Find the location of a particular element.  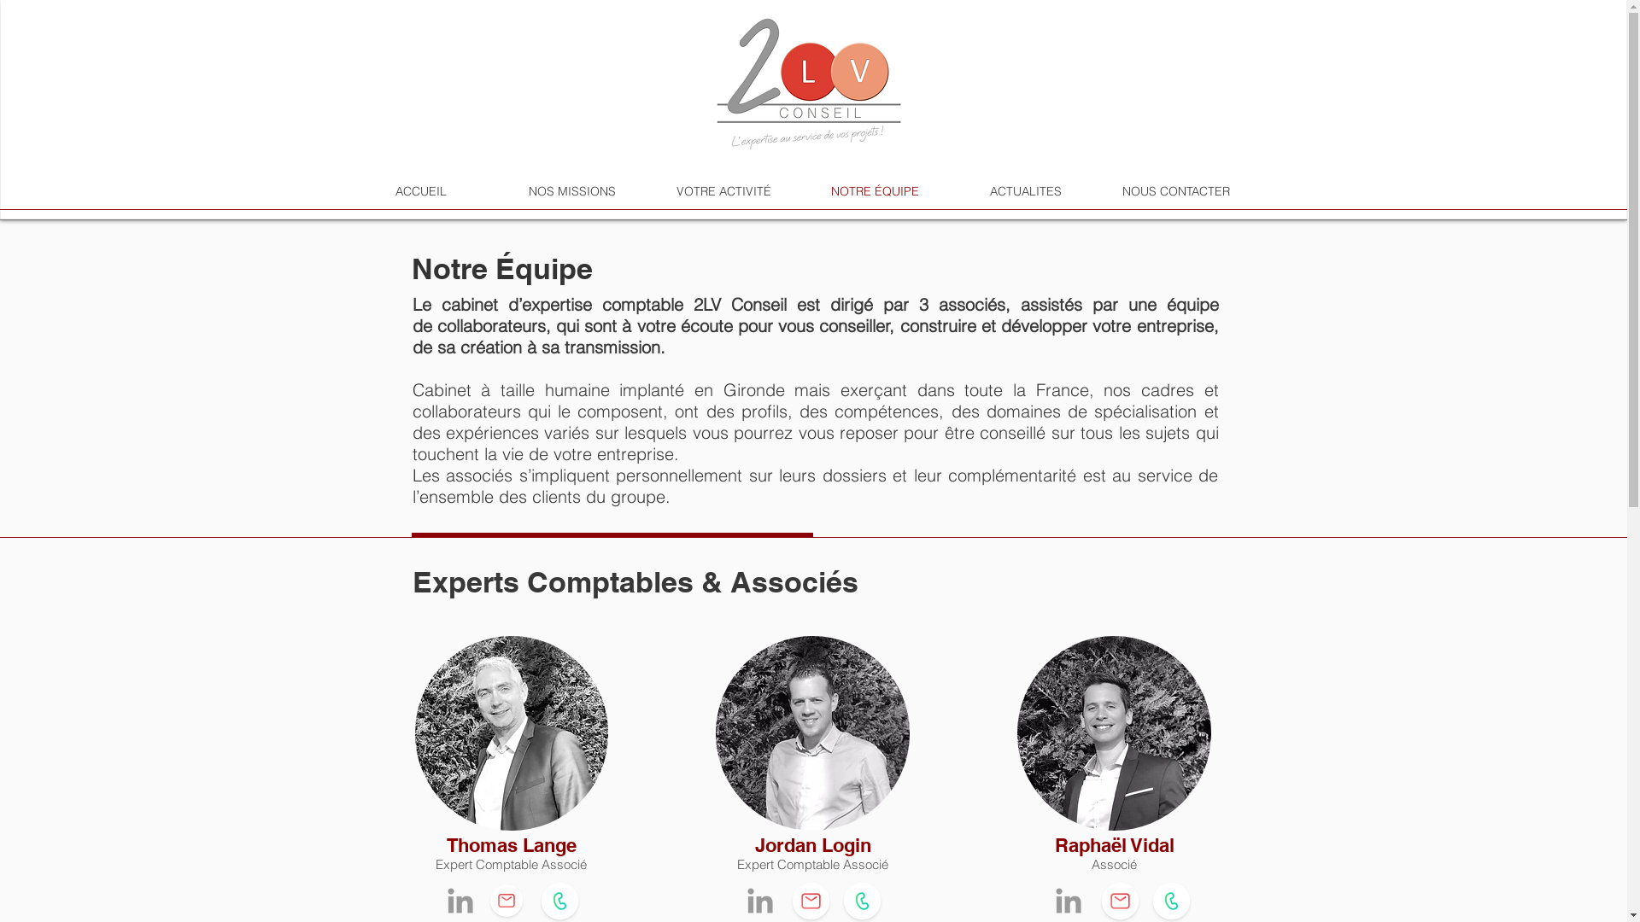

'NOUS CONTACTER' is located at coordinates (1174, 190).